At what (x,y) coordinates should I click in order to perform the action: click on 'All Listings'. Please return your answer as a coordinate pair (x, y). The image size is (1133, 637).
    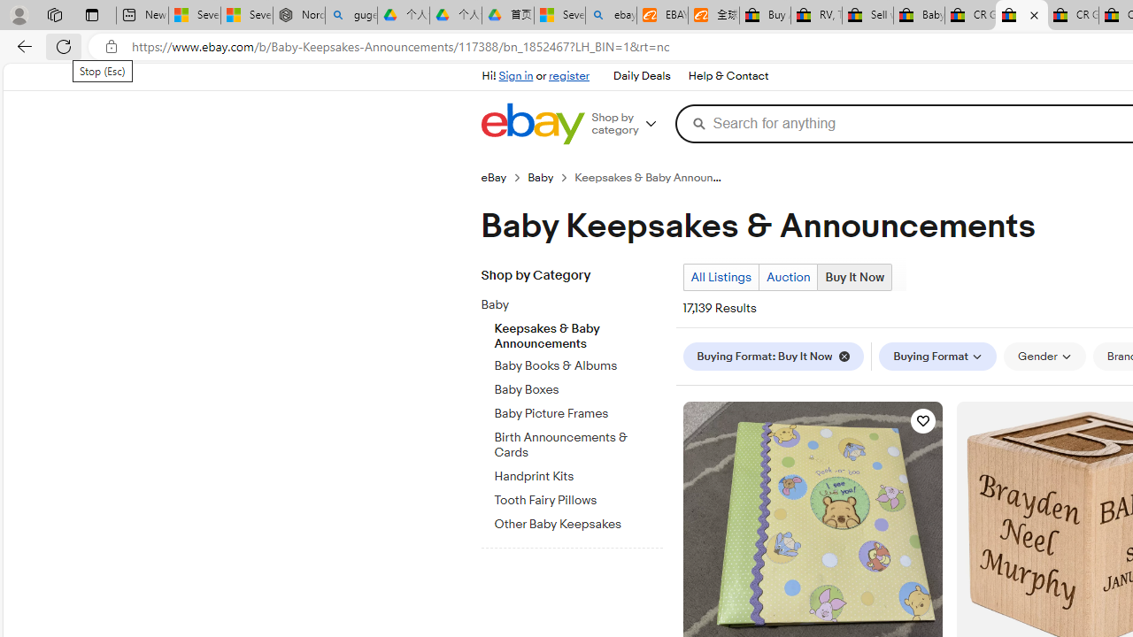
    Looking at the image, I should click on (721, 277).